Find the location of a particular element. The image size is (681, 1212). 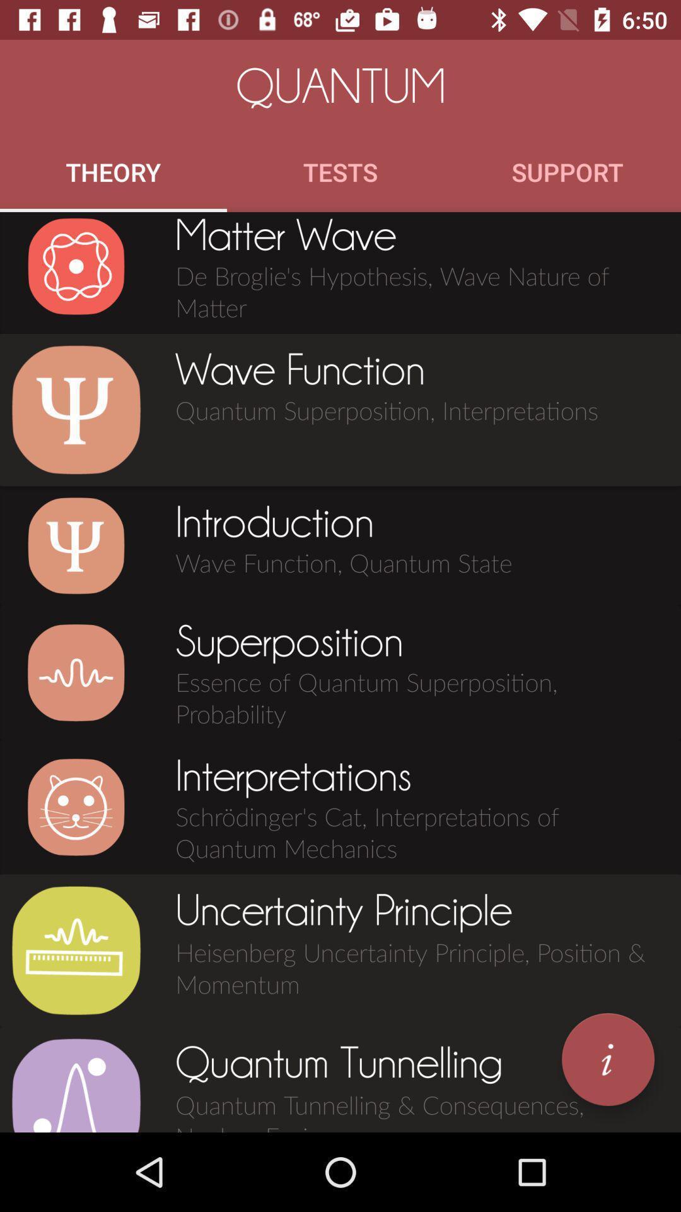

icon below the theory is located at coordinates (76, 266).